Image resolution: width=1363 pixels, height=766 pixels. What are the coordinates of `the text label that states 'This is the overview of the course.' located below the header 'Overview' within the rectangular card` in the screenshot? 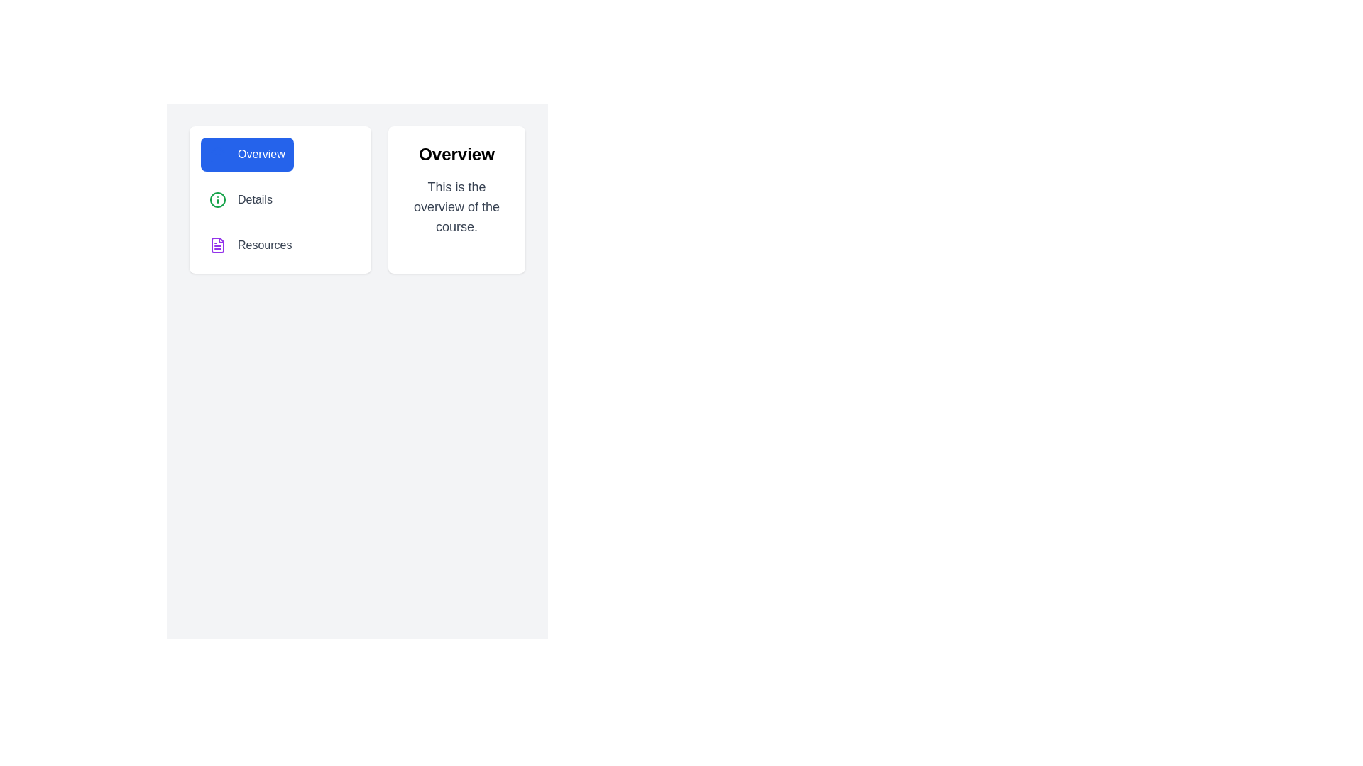 It's located at (456, 207).